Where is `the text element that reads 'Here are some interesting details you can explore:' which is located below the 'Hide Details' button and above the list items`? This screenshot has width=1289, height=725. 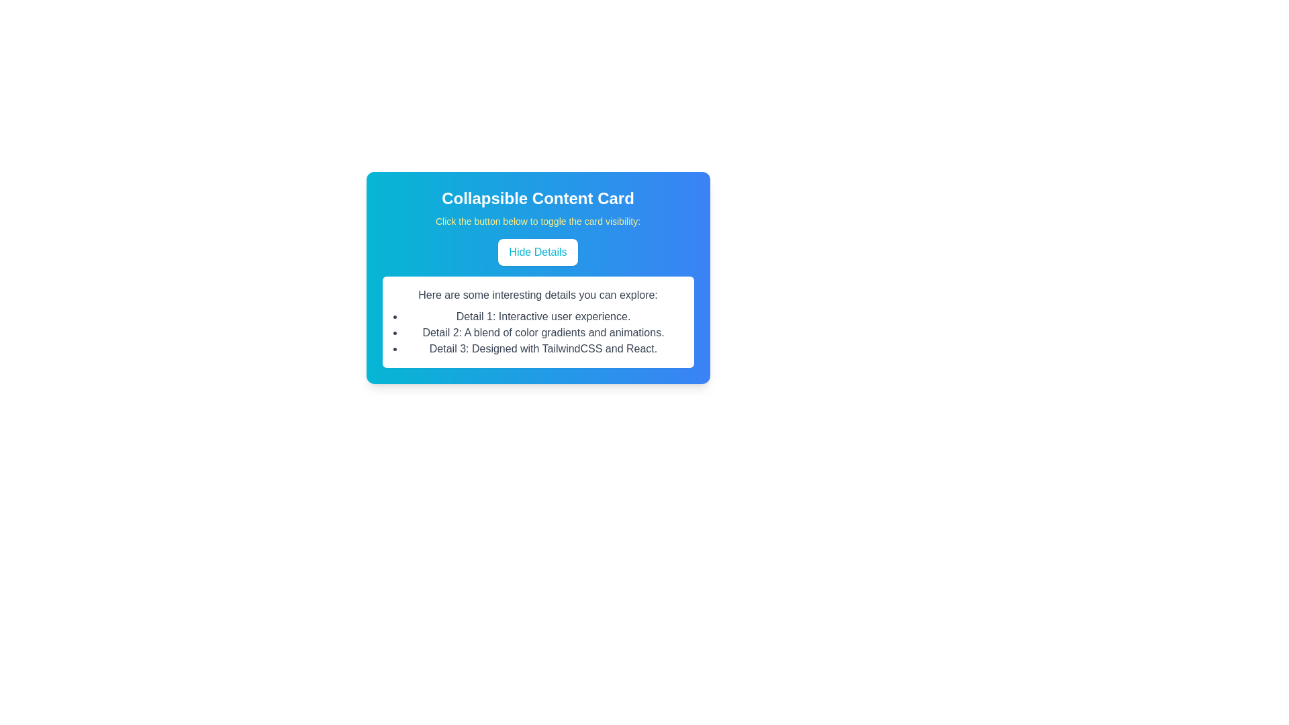
the text element that reads 'Here are some interesting details you can explore:' which is located below the 'Hide Details' button and above the list items is located at coordinates (538, 294).